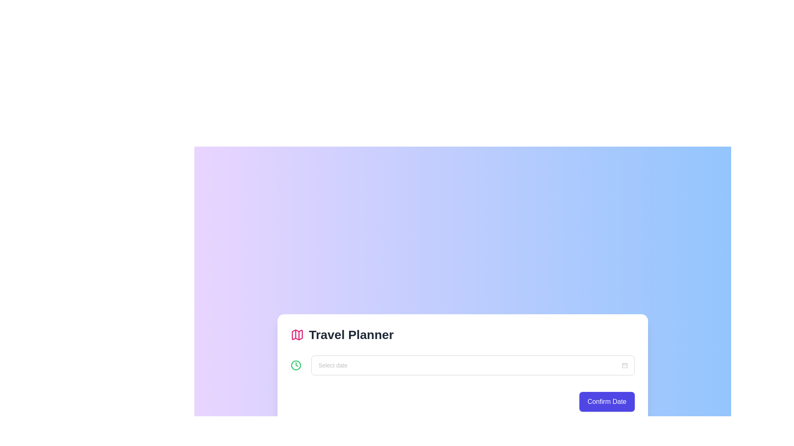 This screenshot has width=794, height=446. What do you see at coordinates (351, 334) in the screenshot?
I see `the 'Travel Planner' text label, which is styled in bold with a large font size and located in the header segment of the interface, to the right of a pink map icon` at bounding box center [351, 334].